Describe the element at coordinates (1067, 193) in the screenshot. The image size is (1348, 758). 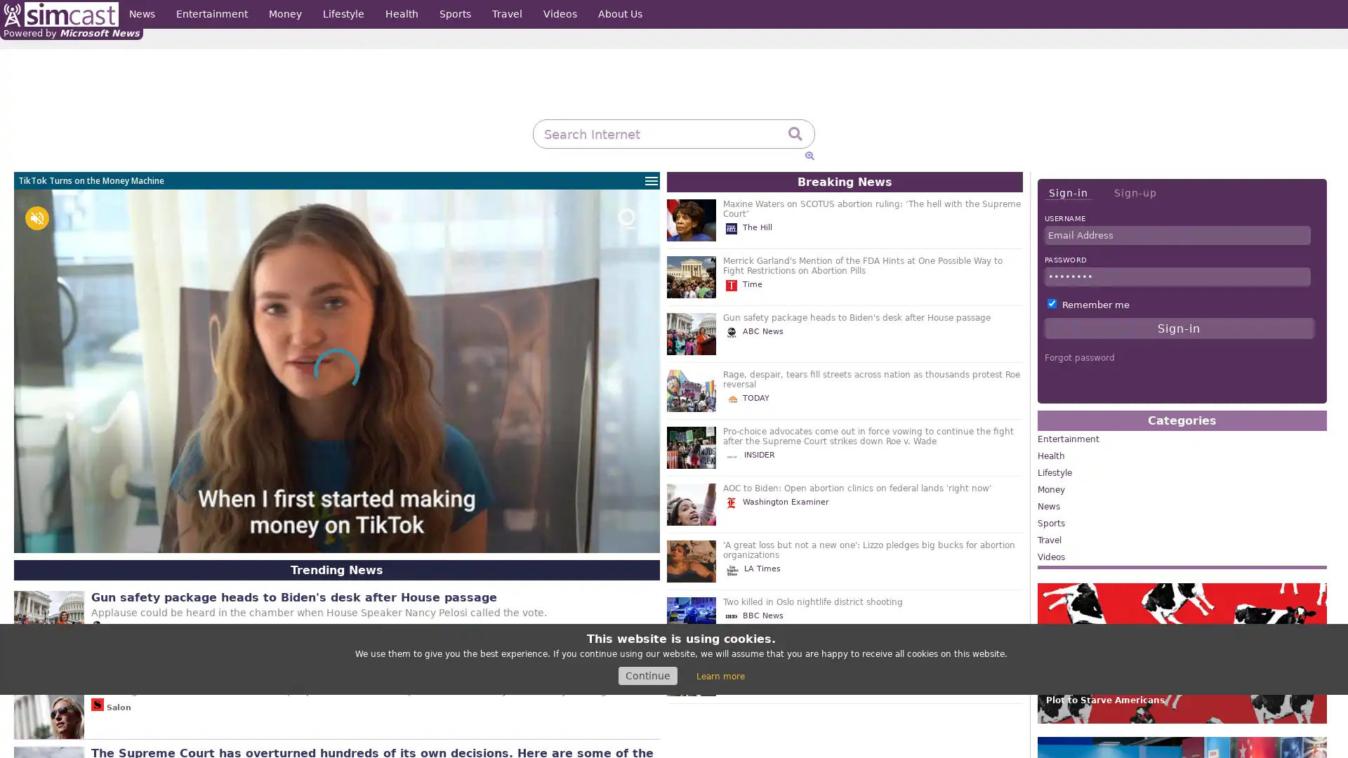
I see `Sign-in` at that location.